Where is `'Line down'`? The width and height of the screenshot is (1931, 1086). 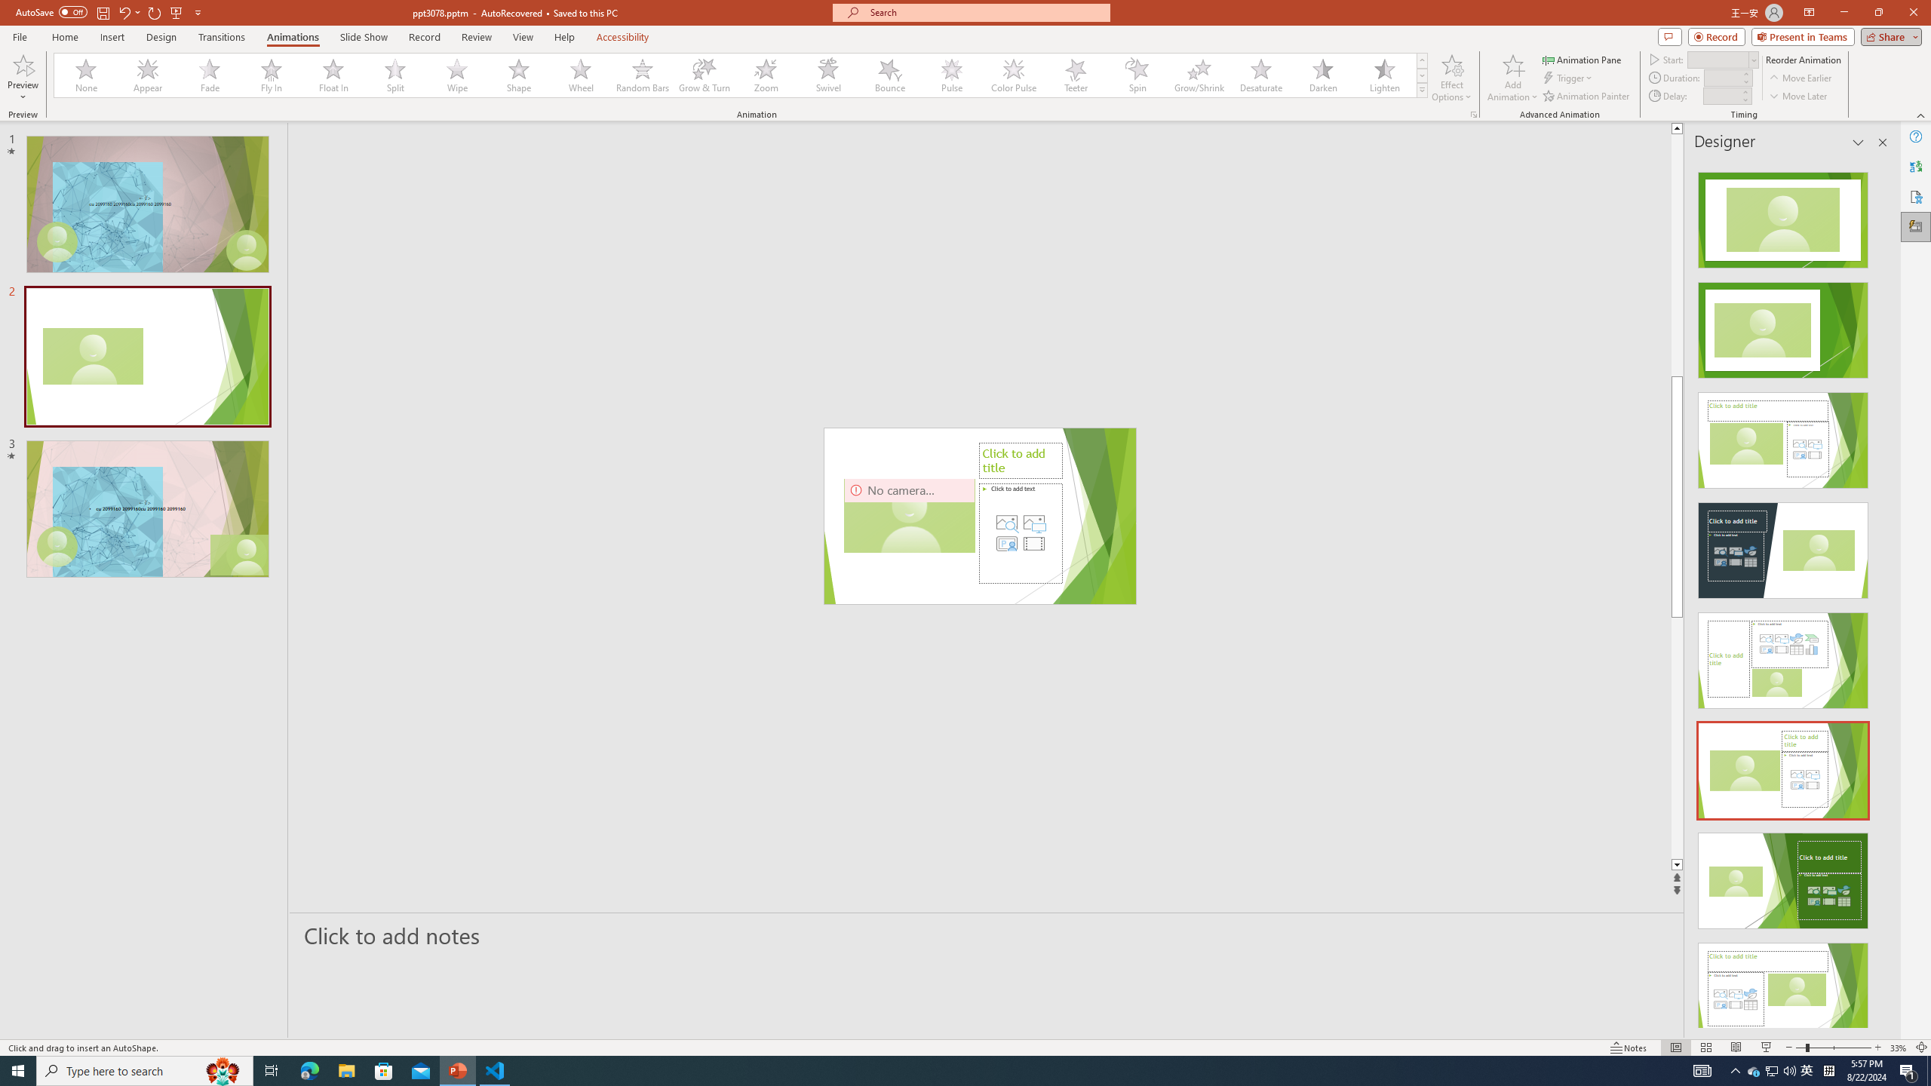 'Line down' is located at coordinates (1727, 864).